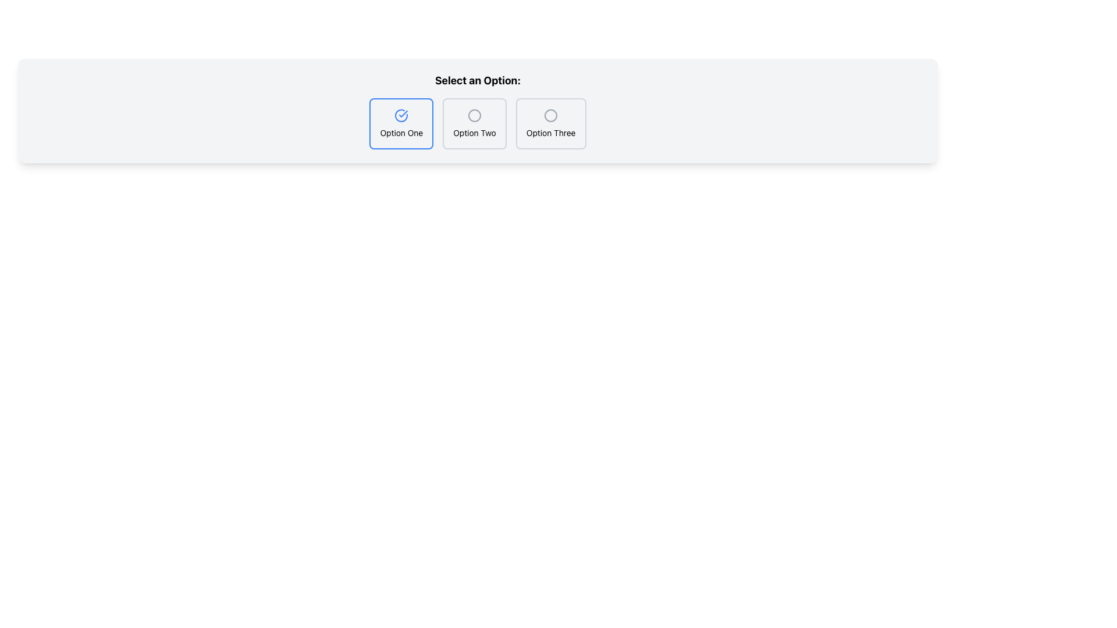 The height and width of the screenshot is (628, 1117). Describe the element at coordinates (401, 116) in the screenshot. I see `the circular blue checkmark icon located at the center of the card labeled 'Option One'` at that location.